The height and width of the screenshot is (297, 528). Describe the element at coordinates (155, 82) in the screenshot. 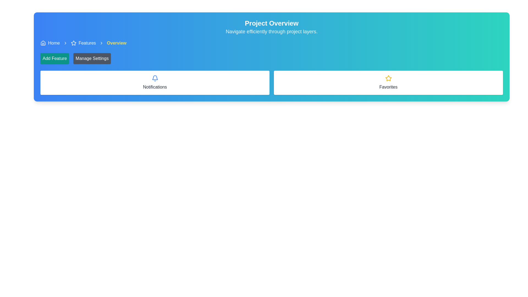

I see `the notification Button or Card located in the first column of the two-column grid layout, adjacent to the 'Favorites' tile` at that location.